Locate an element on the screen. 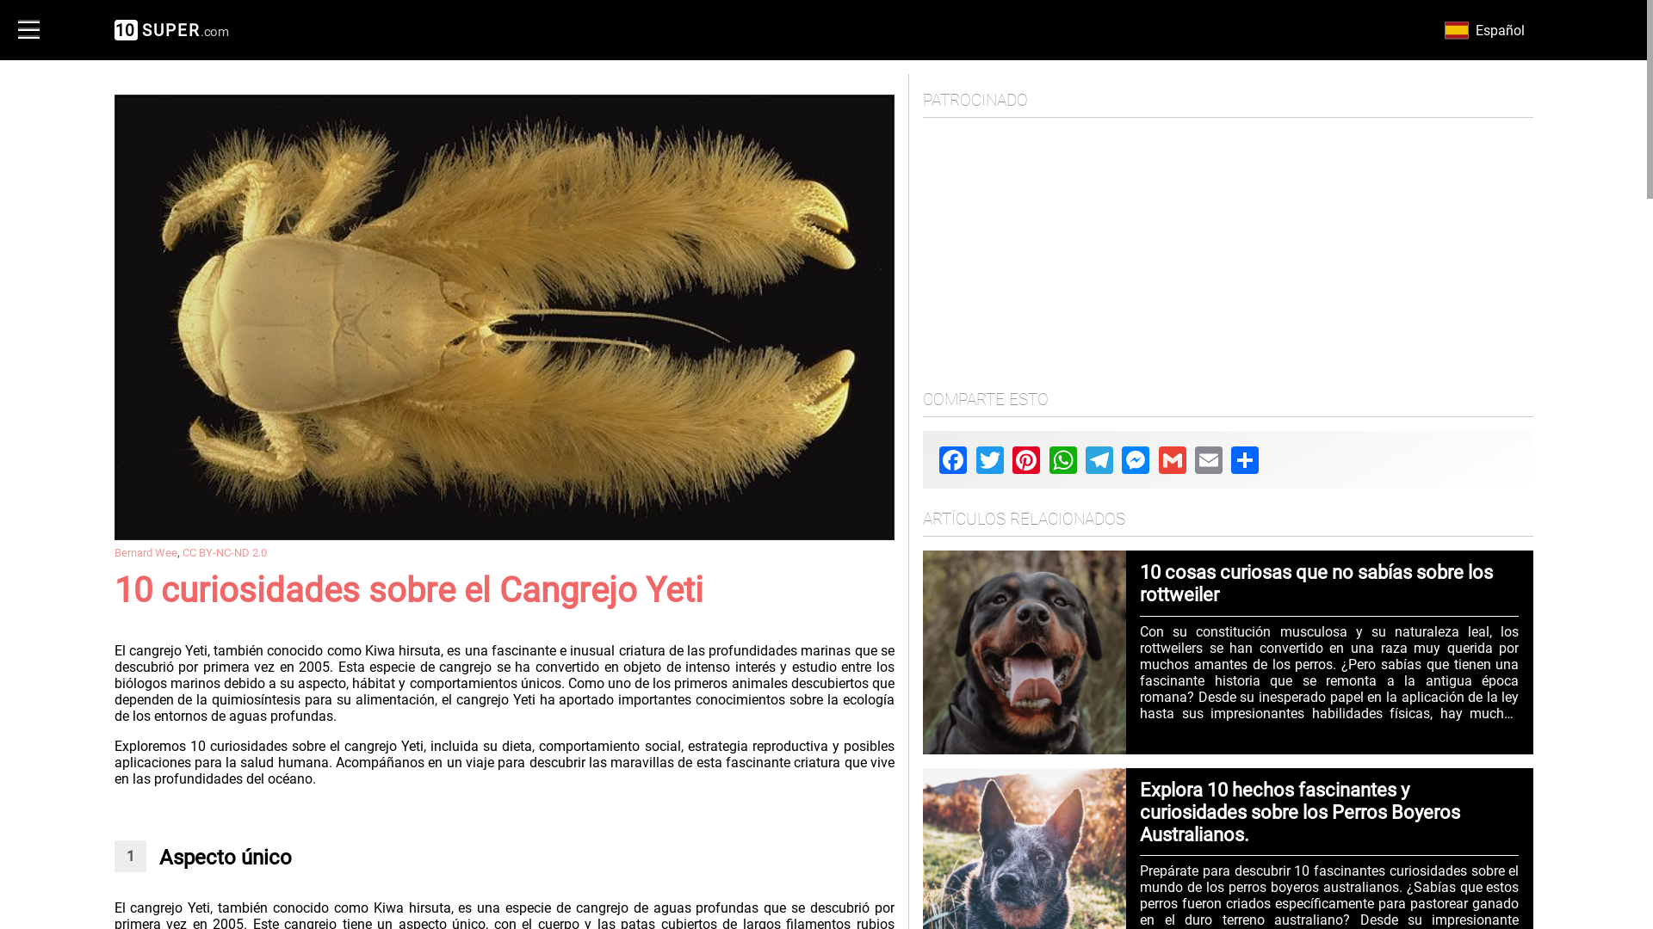  'Messenger' is located at coordinates (1136, 459).